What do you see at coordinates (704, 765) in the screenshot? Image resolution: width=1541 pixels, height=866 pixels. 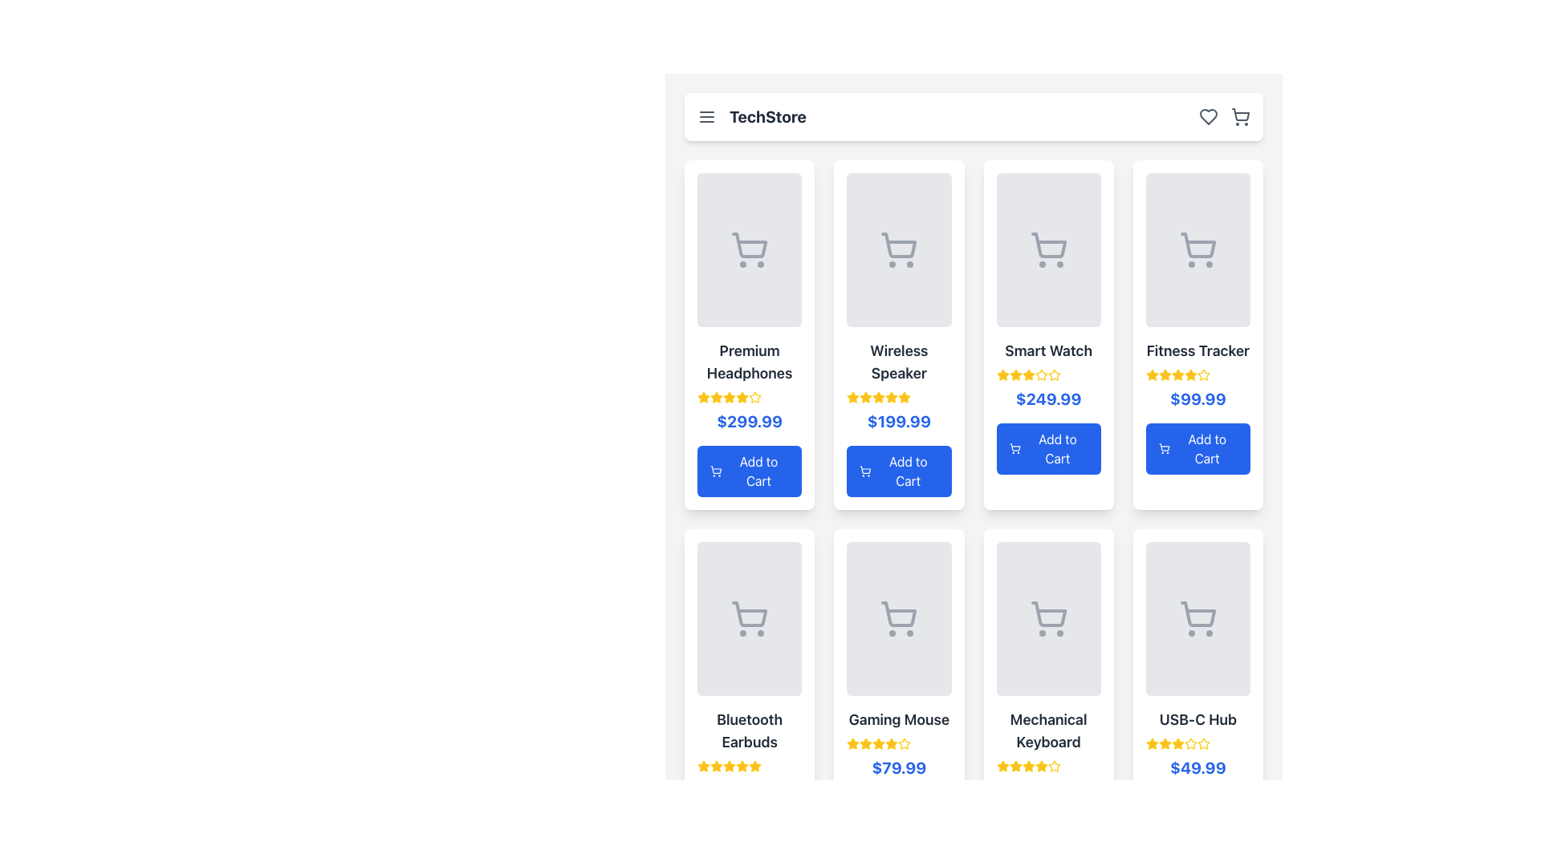 I see `the visual state of the star rating icon for the 'Bluetooth Earbuds' product located within the rating section of the product grid layout` at bounding box center [704, 765].